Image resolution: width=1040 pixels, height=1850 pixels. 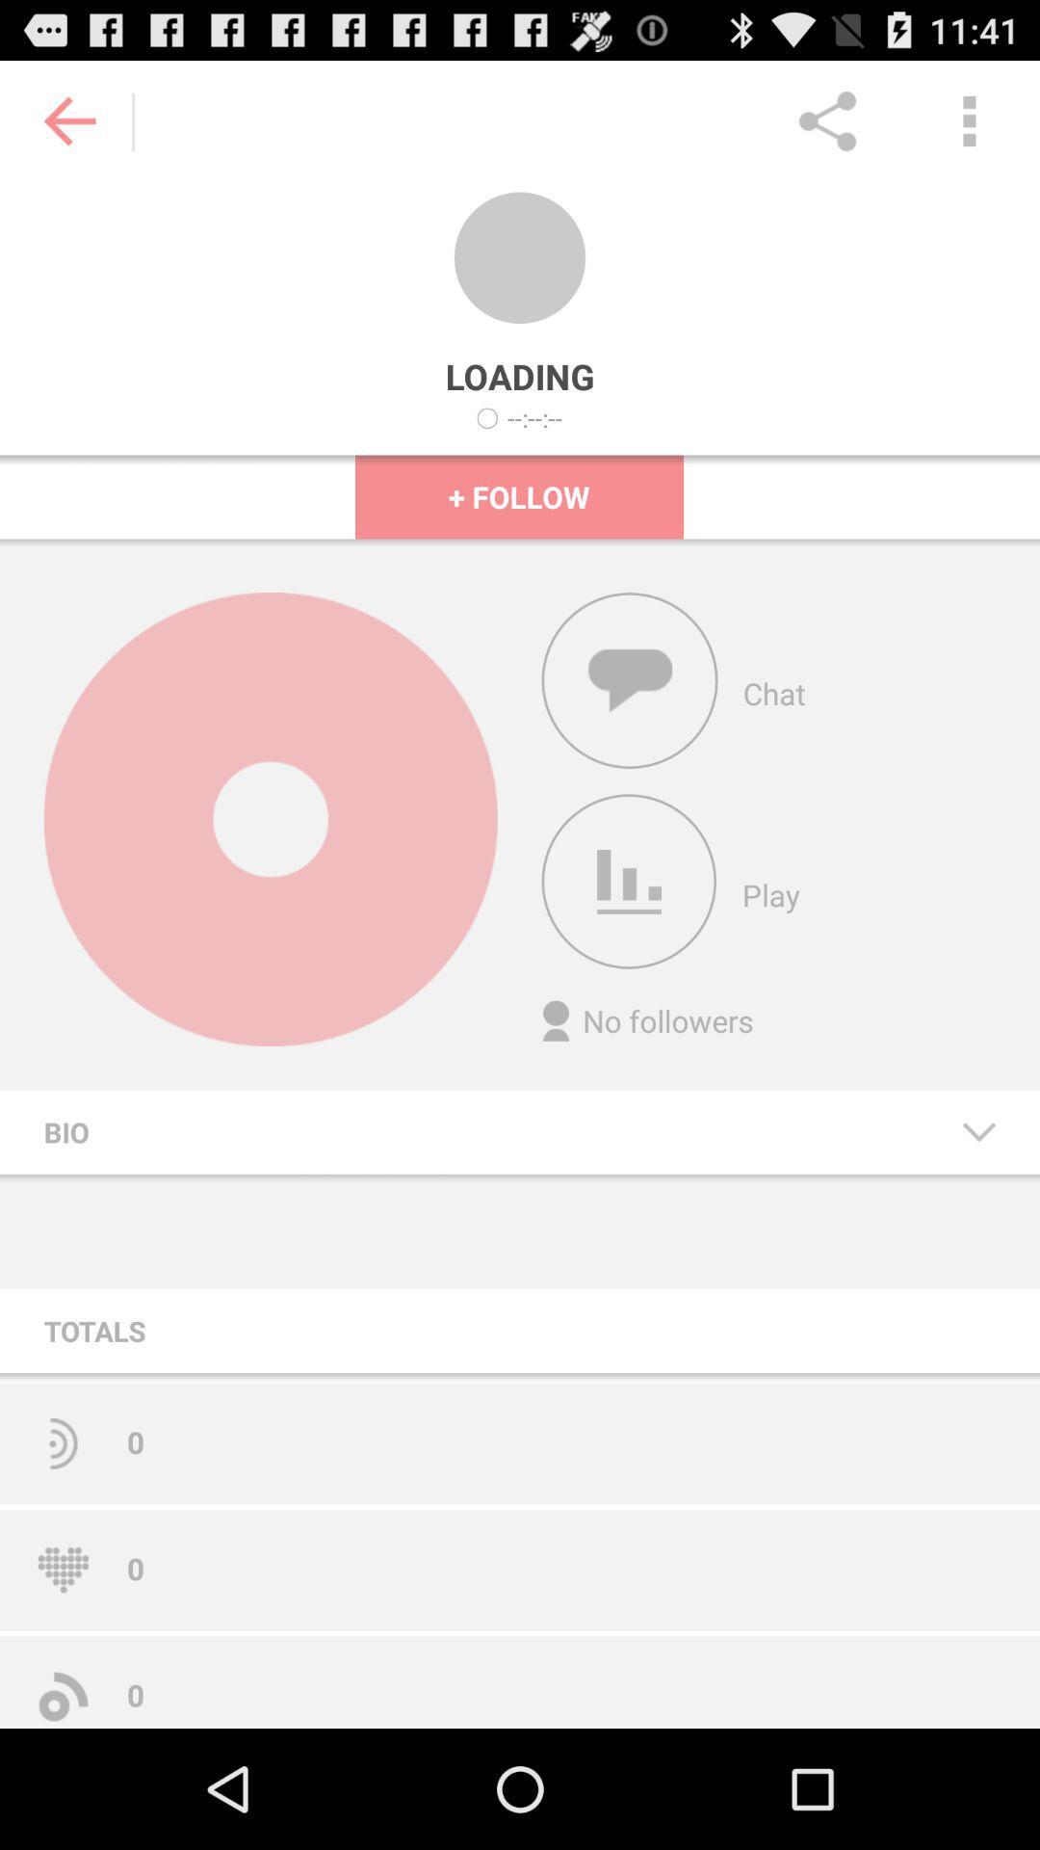 What do you see at coordinates (630, 727) in the screenshot?
I see `the chat icon` at bounding box center [630, 727].